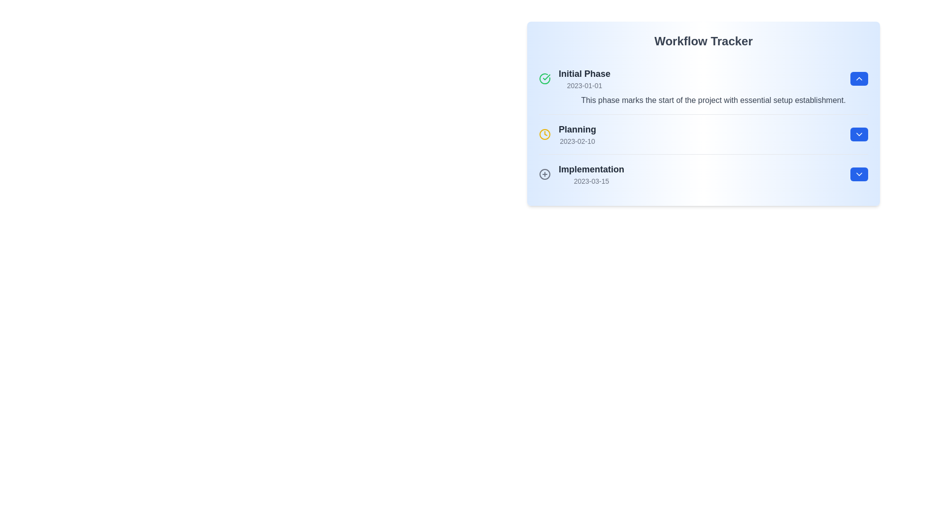 The image size is (946, 532). What do you see at coordinates (581, 174) in the screenshot?
I see `the 'Implementation' phase title in the Workflow Tracker panel` at bounding box center [581, 174].